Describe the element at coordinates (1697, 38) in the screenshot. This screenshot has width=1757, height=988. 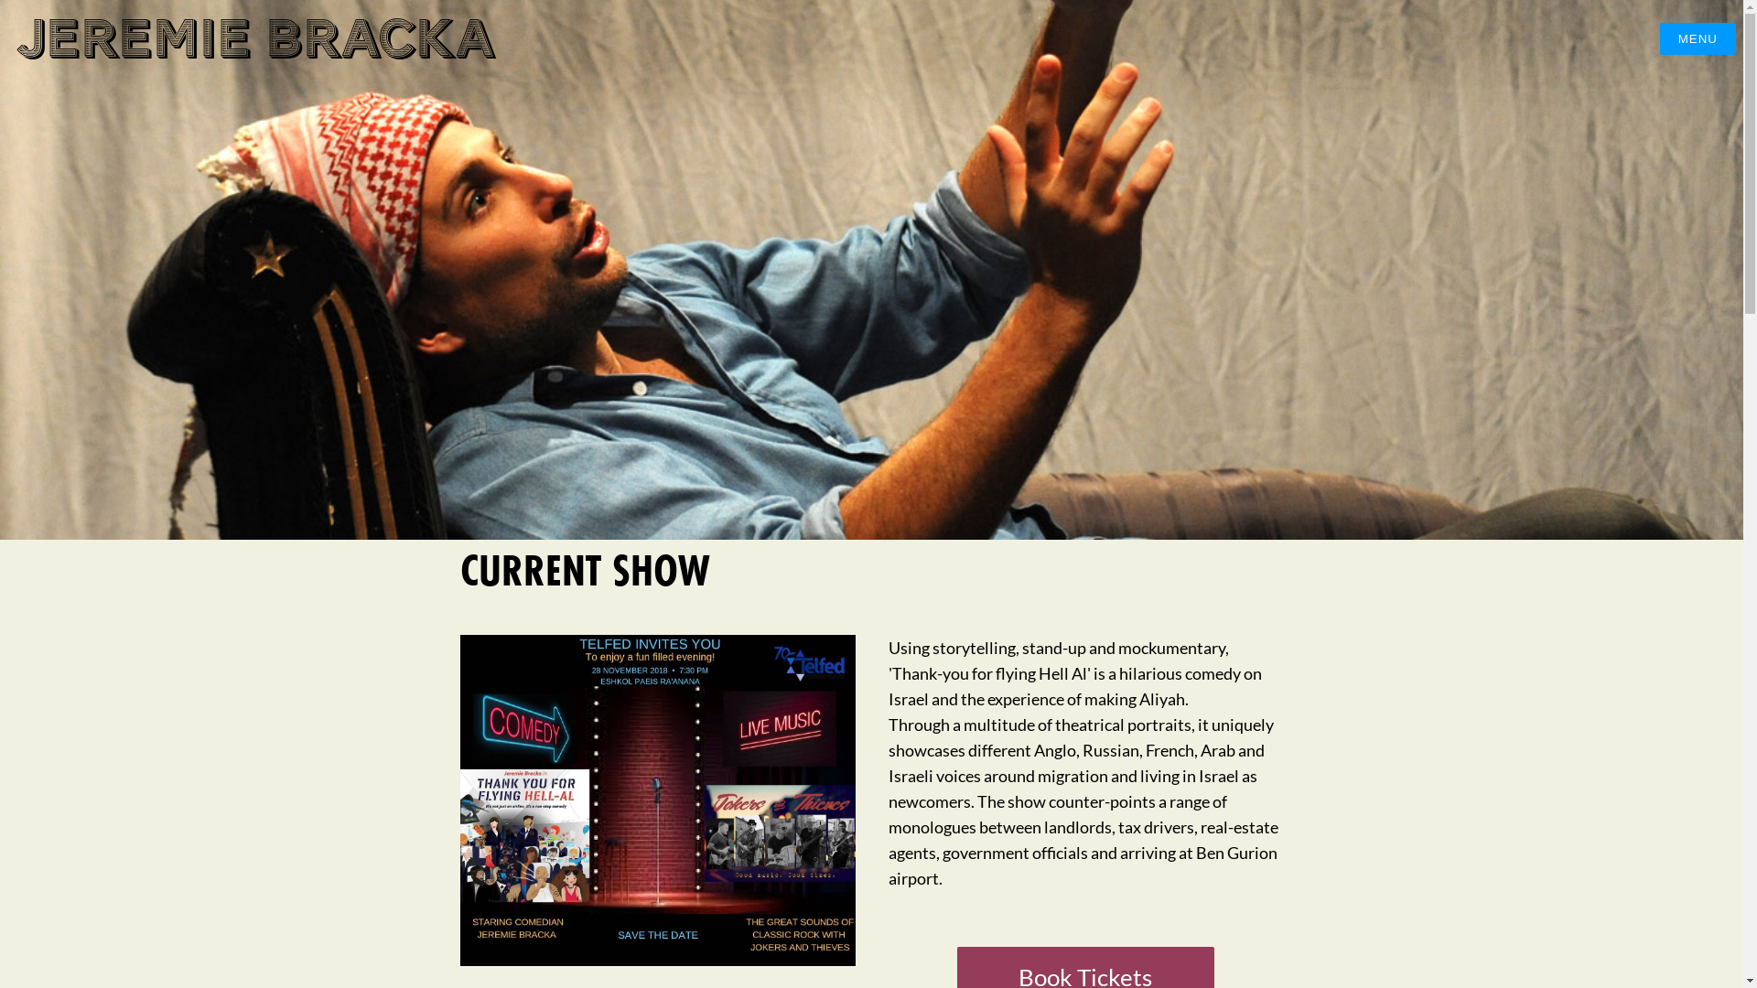
I see `'MENU'` at that location.